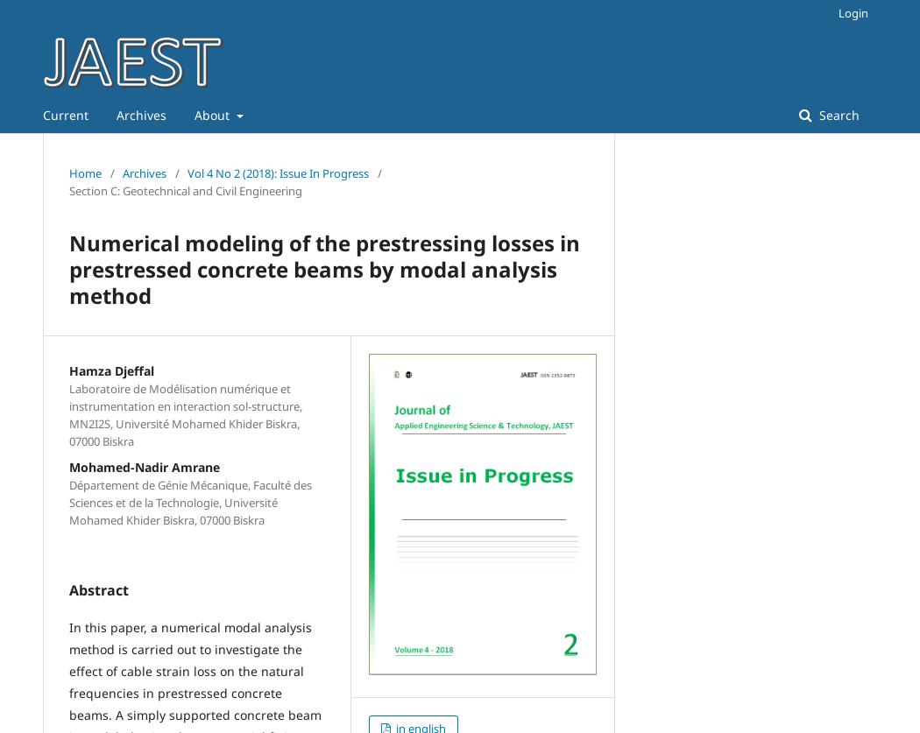 Image resolution: width=920 pixels, height=733 pixels. What do you see at coordinates (68, 173) in the screenshot?
I see `'Home'` at bounding box center [68, 173].